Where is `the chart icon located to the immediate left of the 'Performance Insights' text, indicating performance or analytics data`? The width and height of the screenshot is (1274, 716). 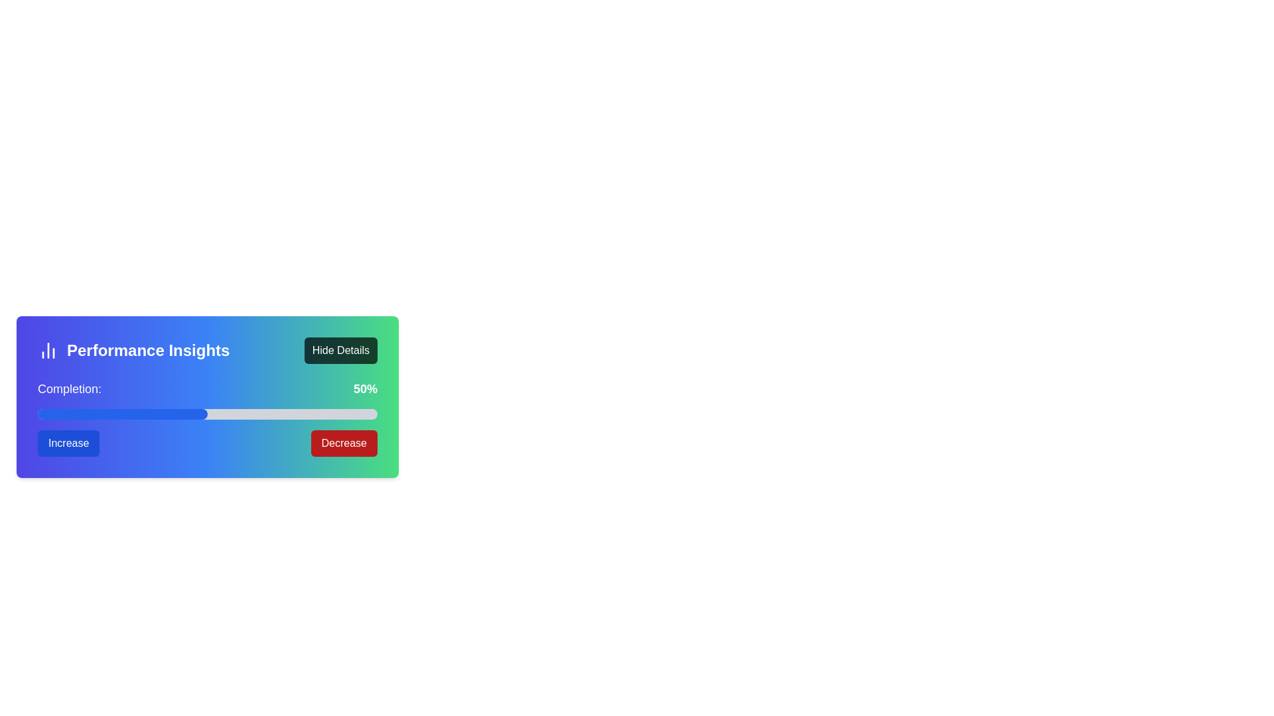 the chart icon located to the immediate left of the 'Performance Insights' text, indicating performance or analytics data is located at coordinates (48, 349).